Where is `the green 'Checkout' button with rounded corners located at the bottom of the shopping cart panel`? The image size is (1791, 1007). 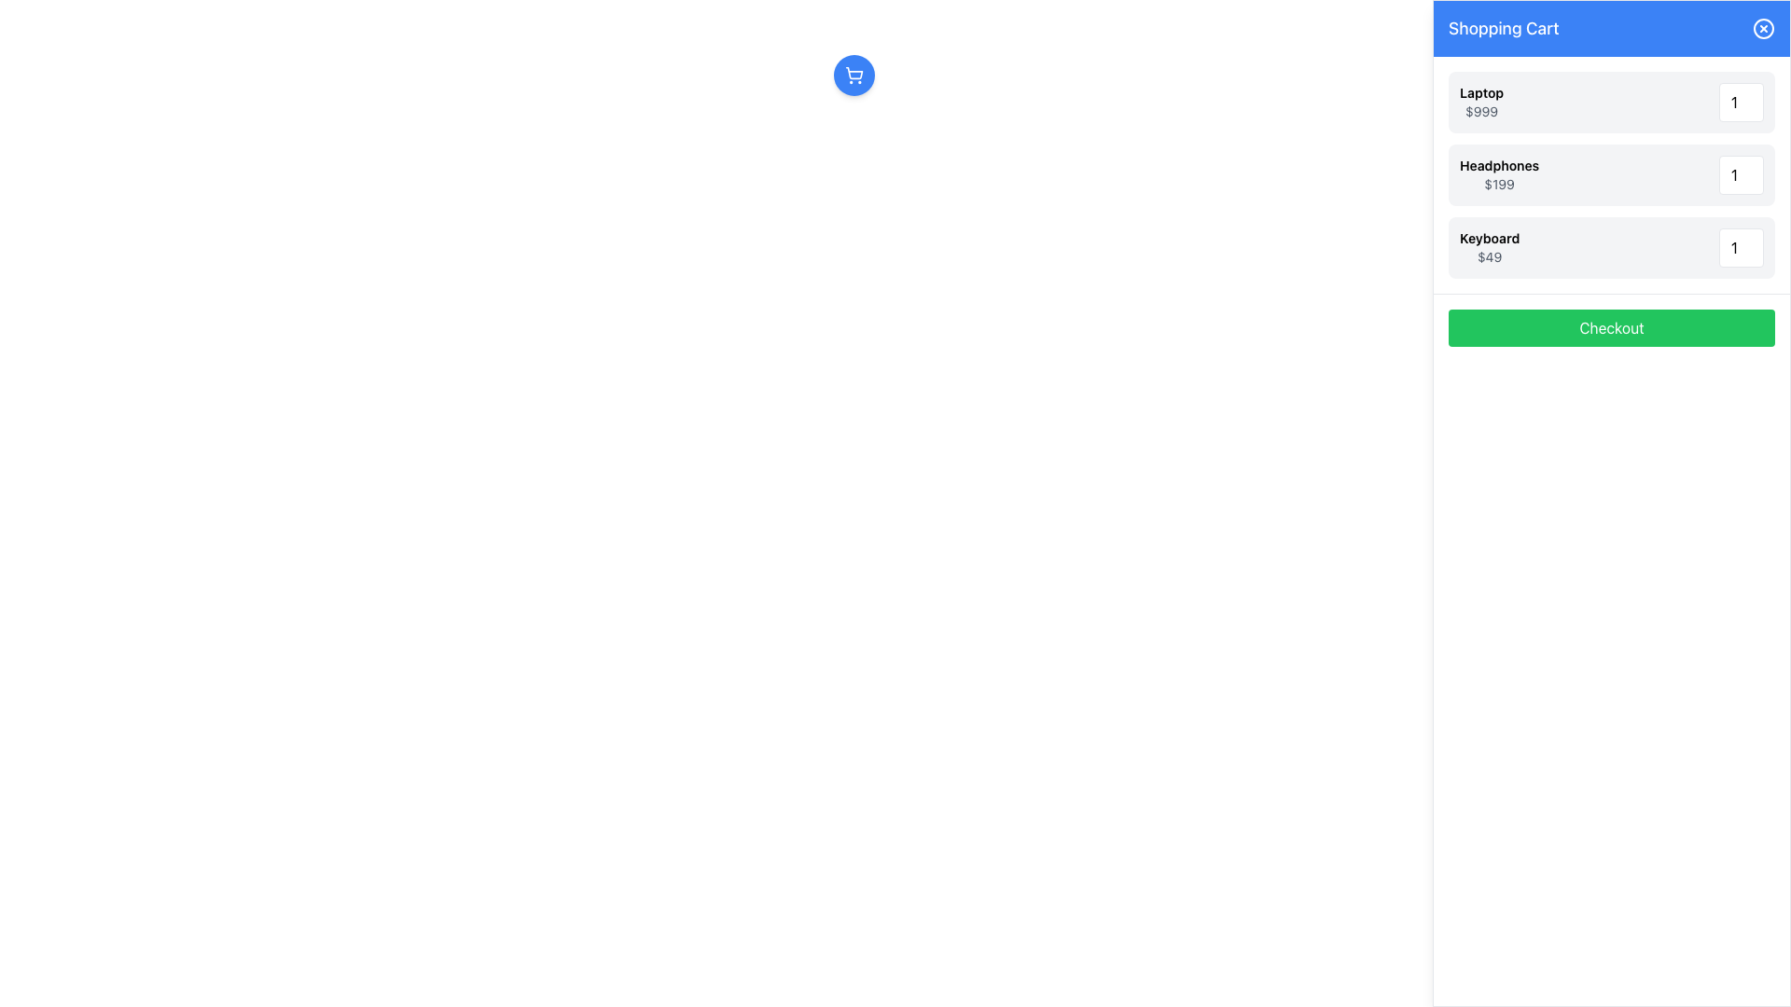
the green 'Checkout' button with rounded corners located at the bottom of the shopping cart panel is located at coordinates (1611, 326).